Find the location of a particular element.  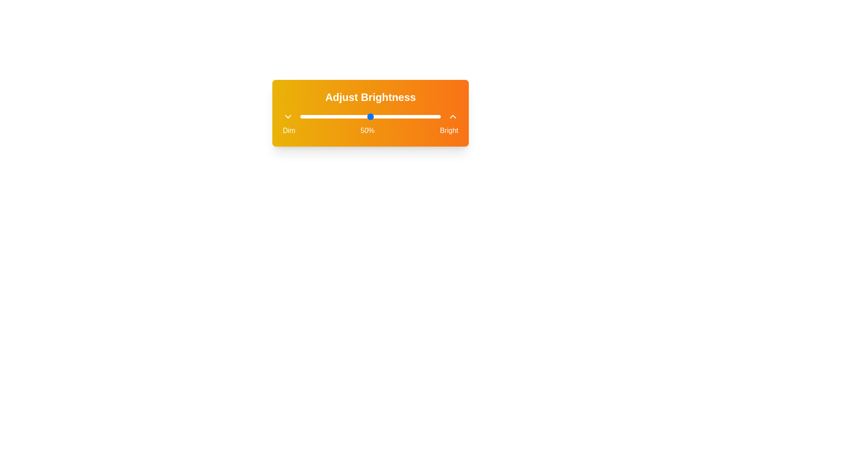

brightness level is located at coordinates (436, 116).